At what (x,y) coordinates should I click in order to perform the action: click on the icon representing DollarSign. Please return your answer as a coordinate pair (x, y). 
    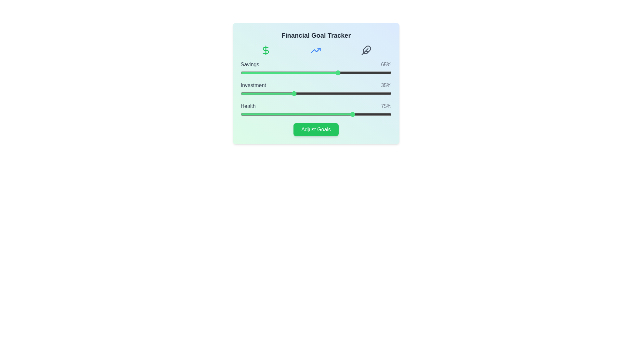
    Looking at the image, I should click on (266, 50).